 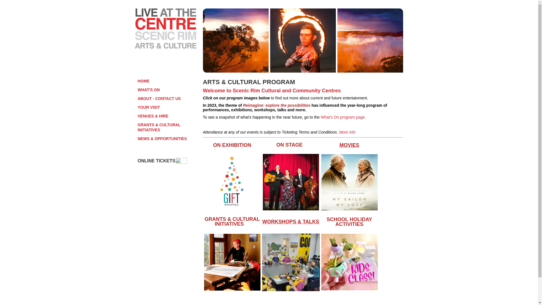 I want to click on 'HOME', so click(x=168, y=81).